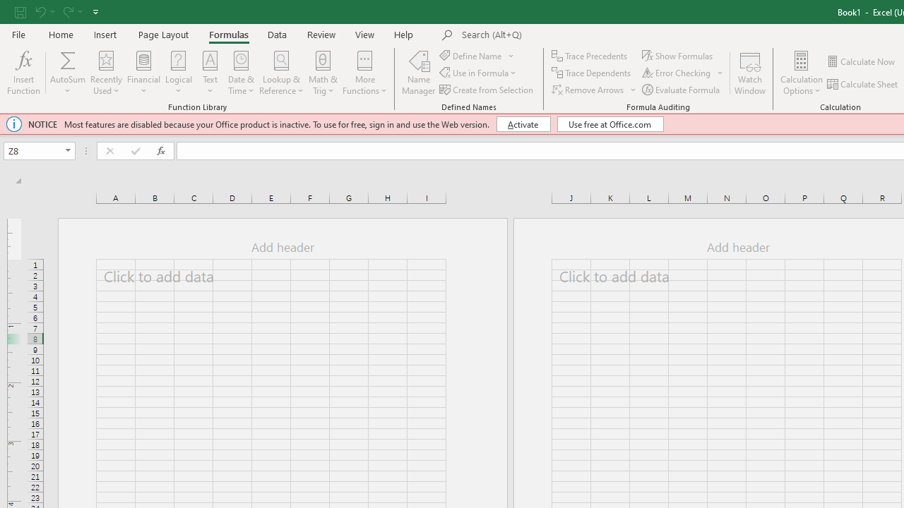 The height and width of the screenshot is (508, 904). I want to click on 'Trace Dependents', so click(593, 73).